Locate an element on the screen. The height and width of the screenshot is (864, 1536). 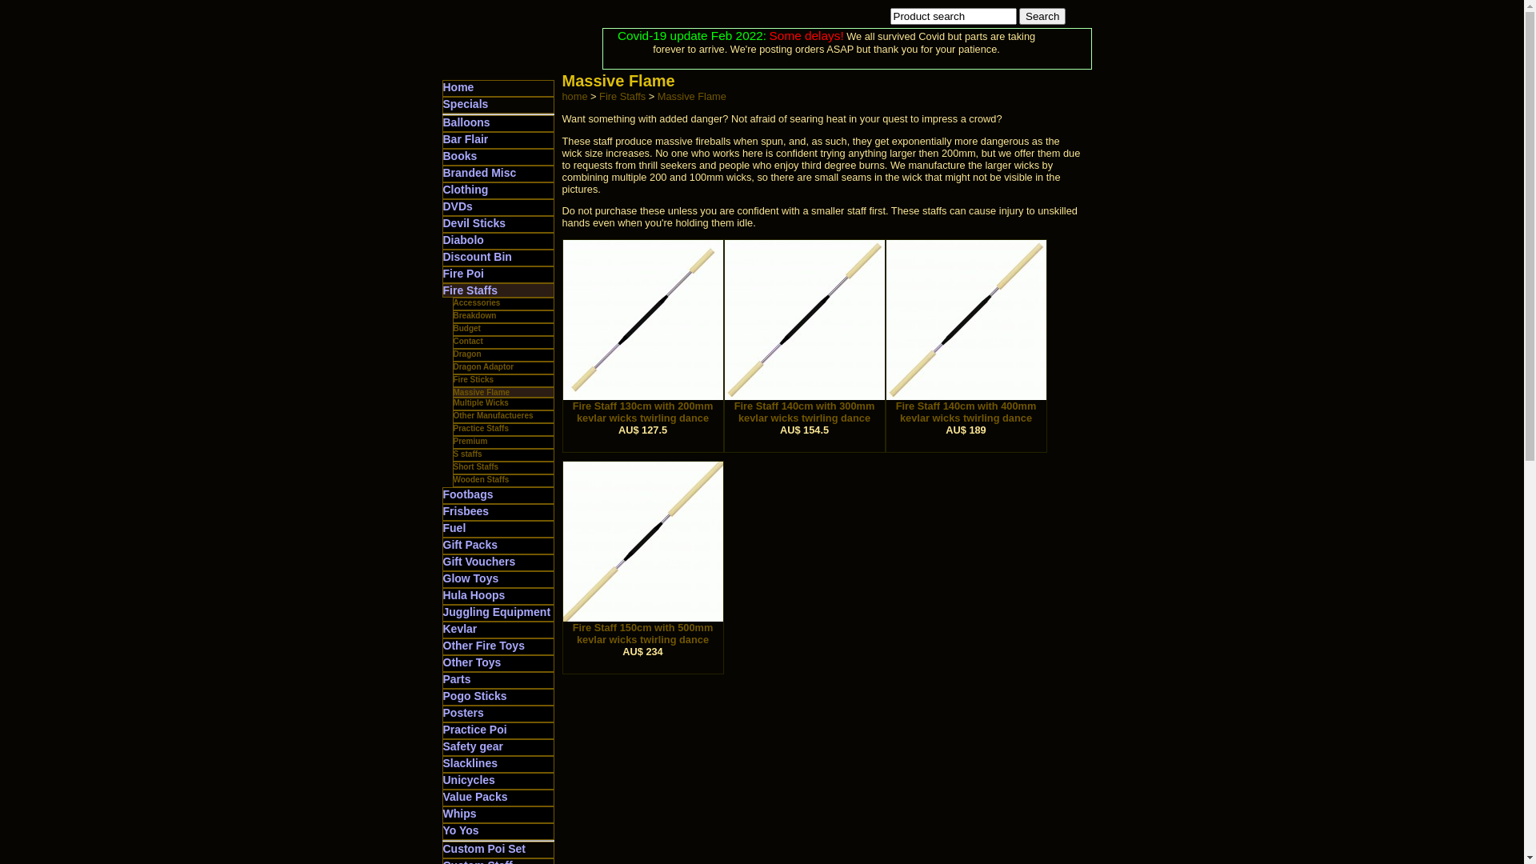
'Yo Yos' is located at coordinates (442, 829).